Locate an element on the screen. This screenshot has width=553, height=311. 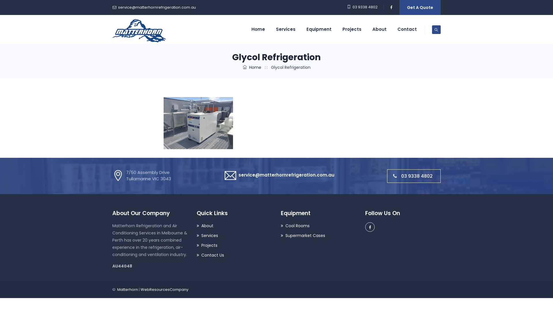
'Services' is located at coordinates (196, 236).